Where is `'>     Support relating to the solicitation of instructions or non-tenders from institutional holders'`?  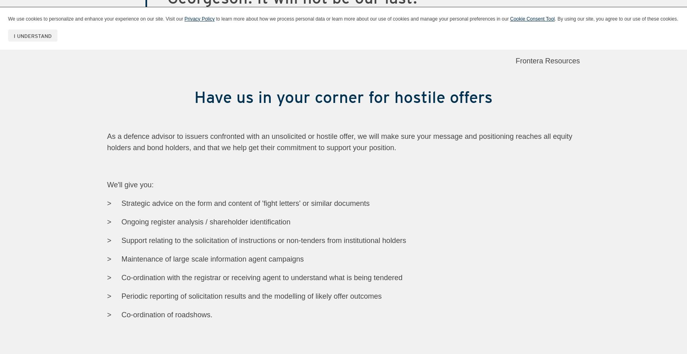
'>     Support relating to the solicitation of instructions or non-tenders from institutional holders' is located at coordinates (107, 239).